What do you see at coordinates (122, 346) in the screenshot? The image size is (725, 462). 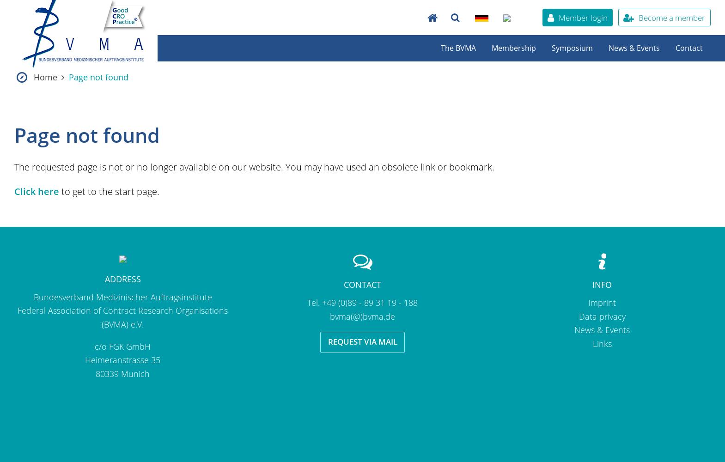 I see `'c/o FGK GmbH'` at bounding box center [122, 346].